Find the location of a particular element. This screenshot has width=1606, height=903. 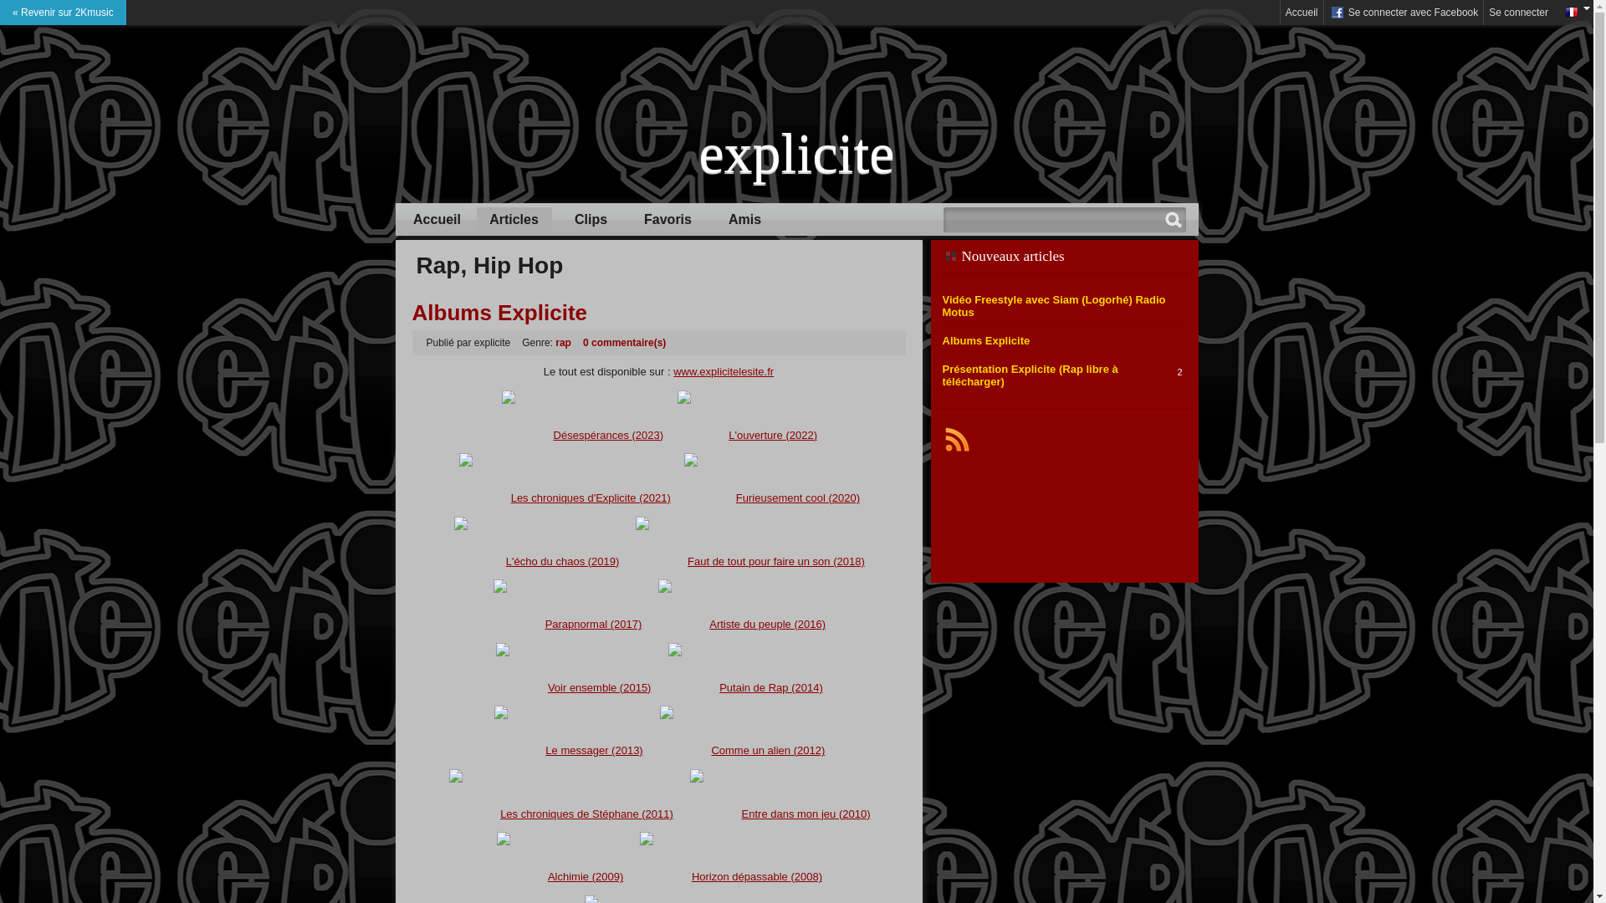

'Accueil' is located at coordinates (1301, 13).